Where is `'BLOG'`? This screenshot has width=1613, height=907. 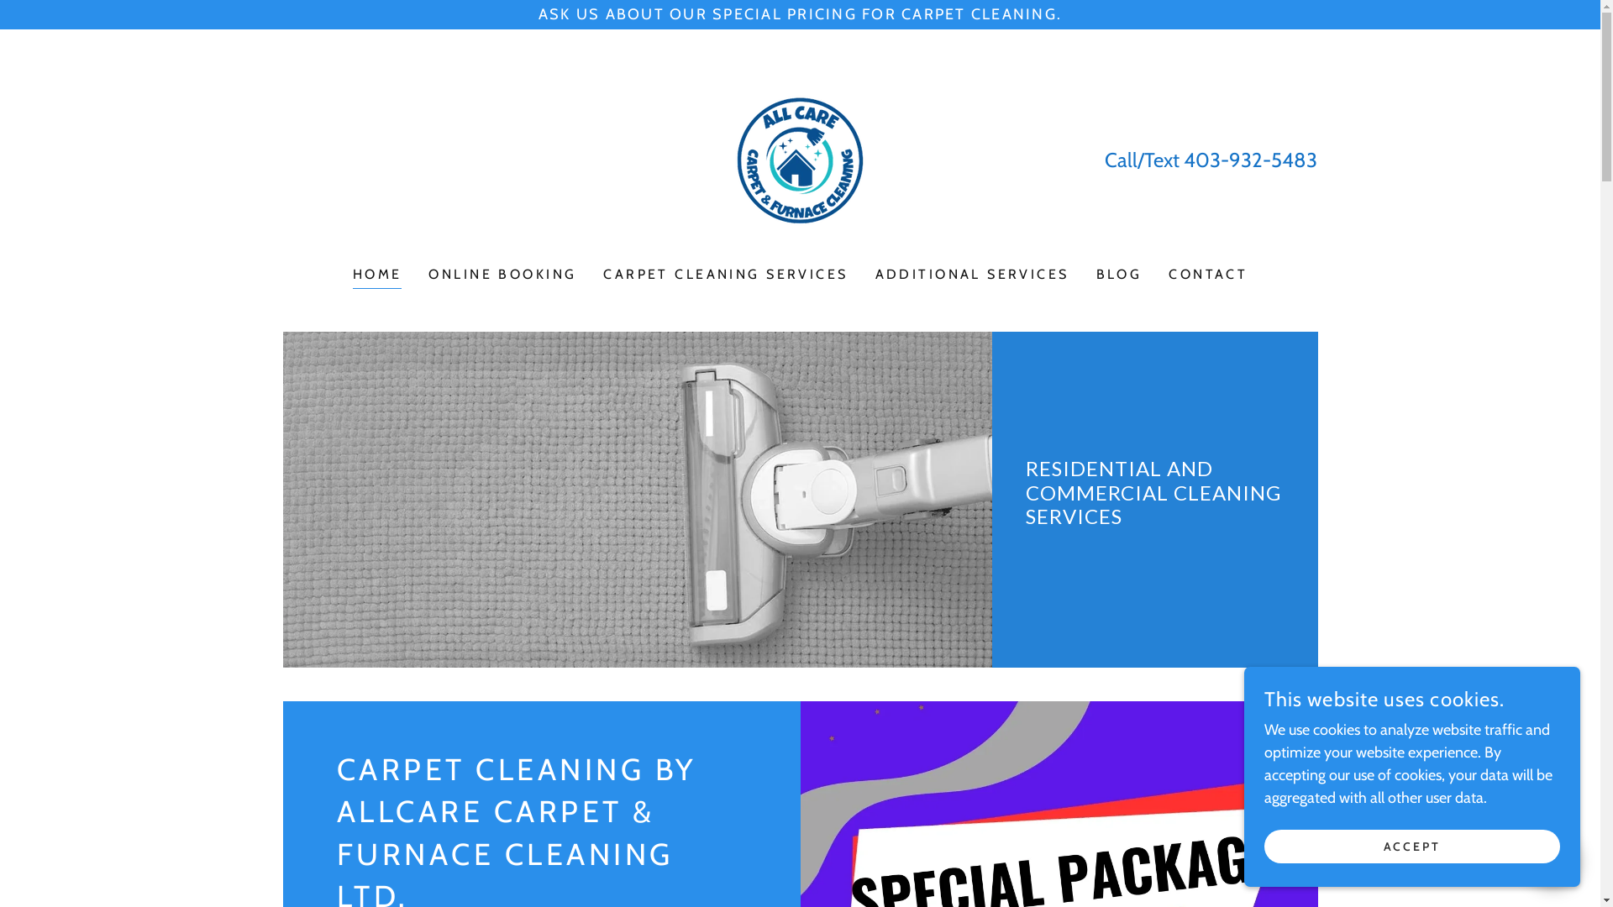 'BLOG' is located at coordinates (1119, 274).